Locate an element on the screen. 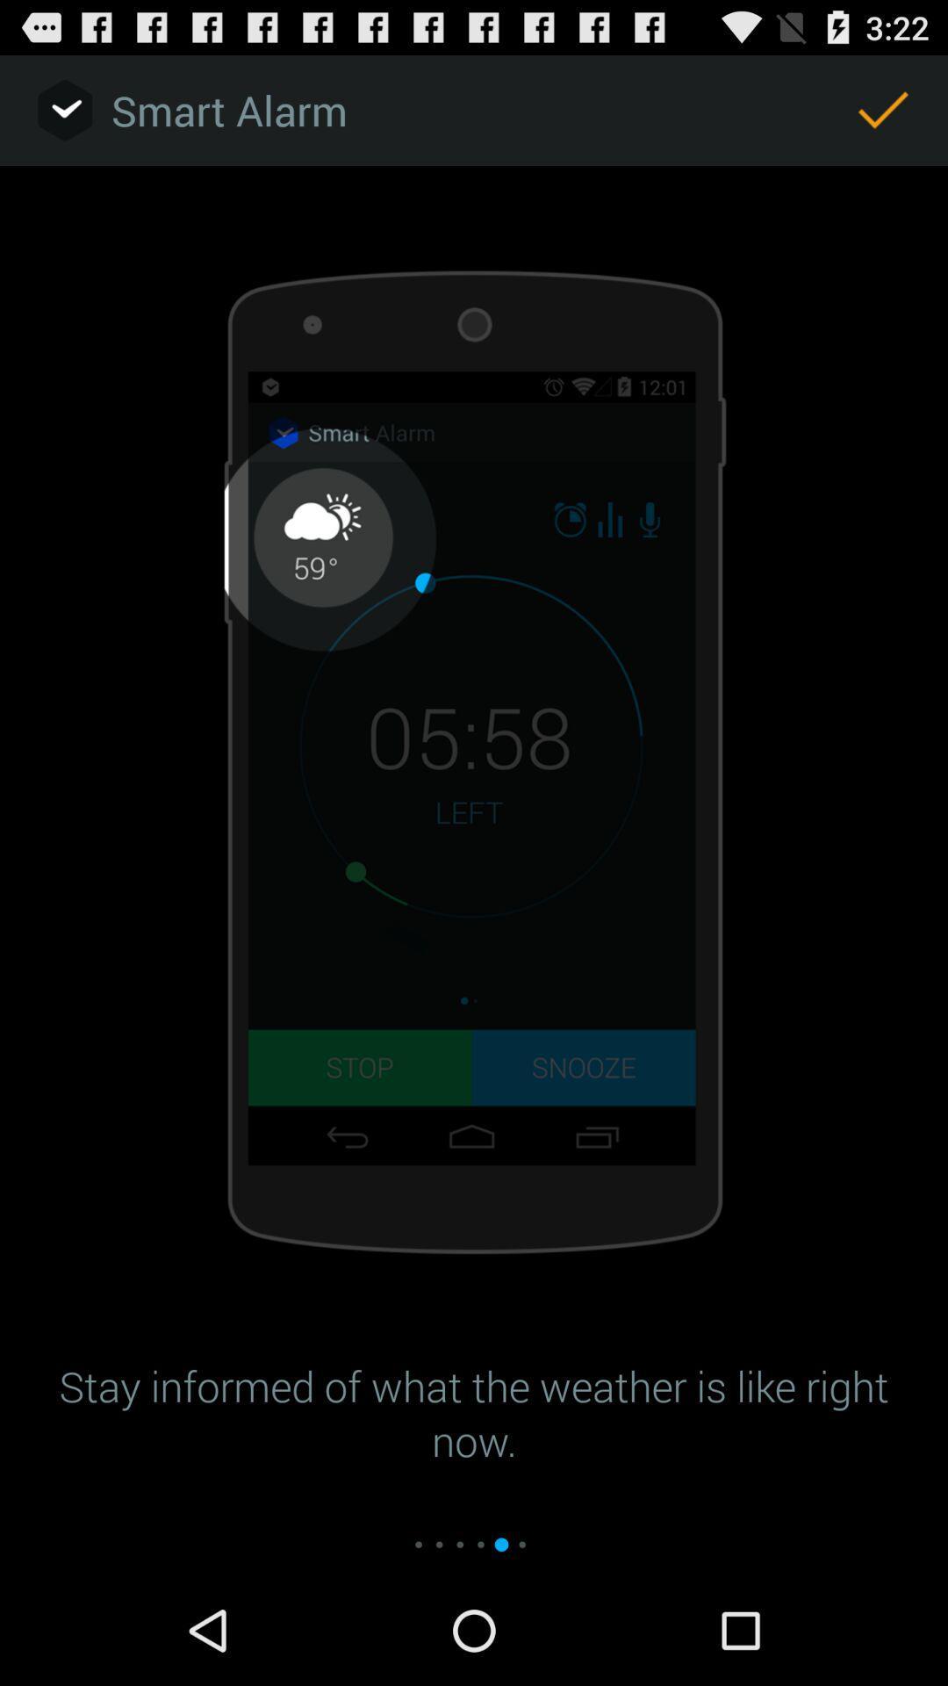  item next to smart alarm app is located at coordinates (883, 109).